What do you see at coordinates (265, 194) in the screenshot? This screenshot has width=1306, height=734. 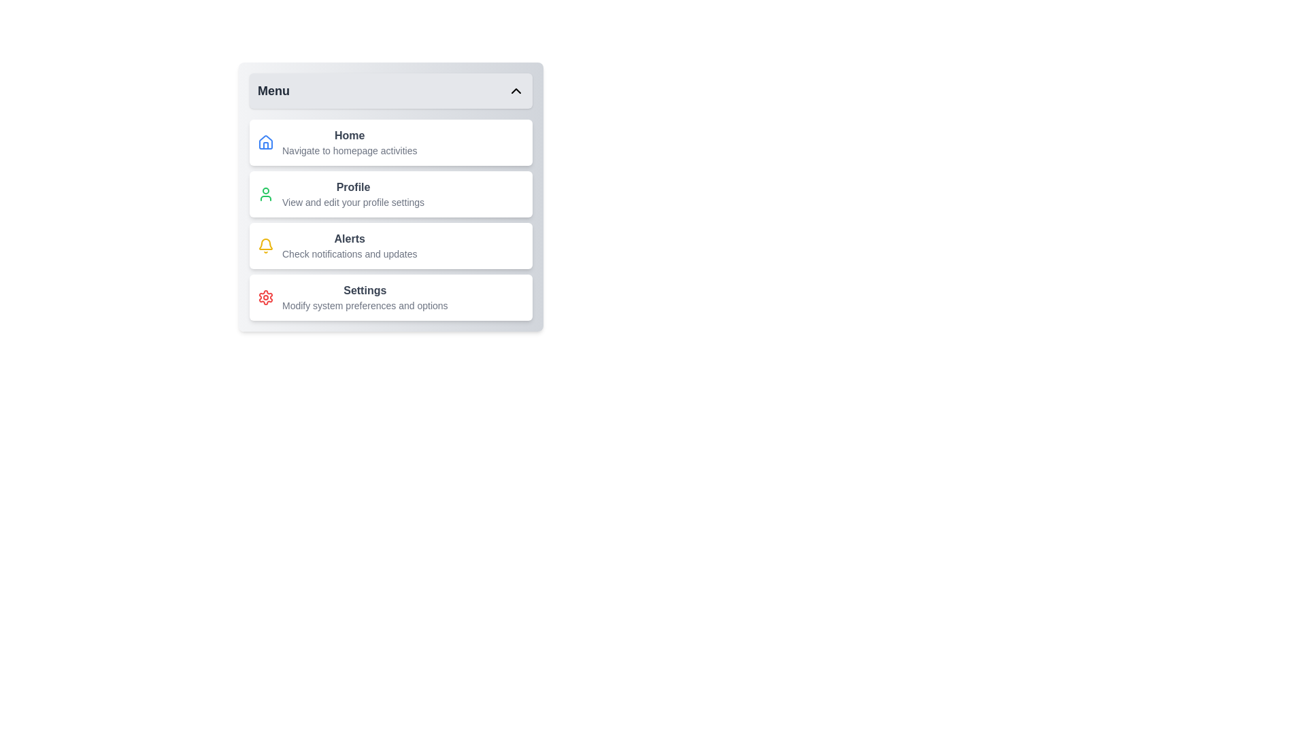 I see `the Profile icon in the menu` at bounding box center [265, 194].